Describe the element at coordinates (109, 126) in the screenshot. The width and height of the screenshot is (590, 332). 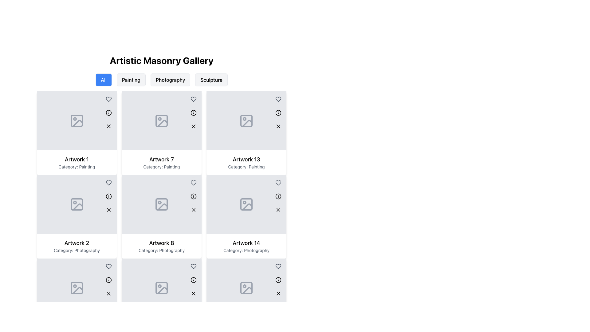
I see `the circular gray button with an 'X' icon at the bottom right corner of the 'Artwork 1' tile` at that location.